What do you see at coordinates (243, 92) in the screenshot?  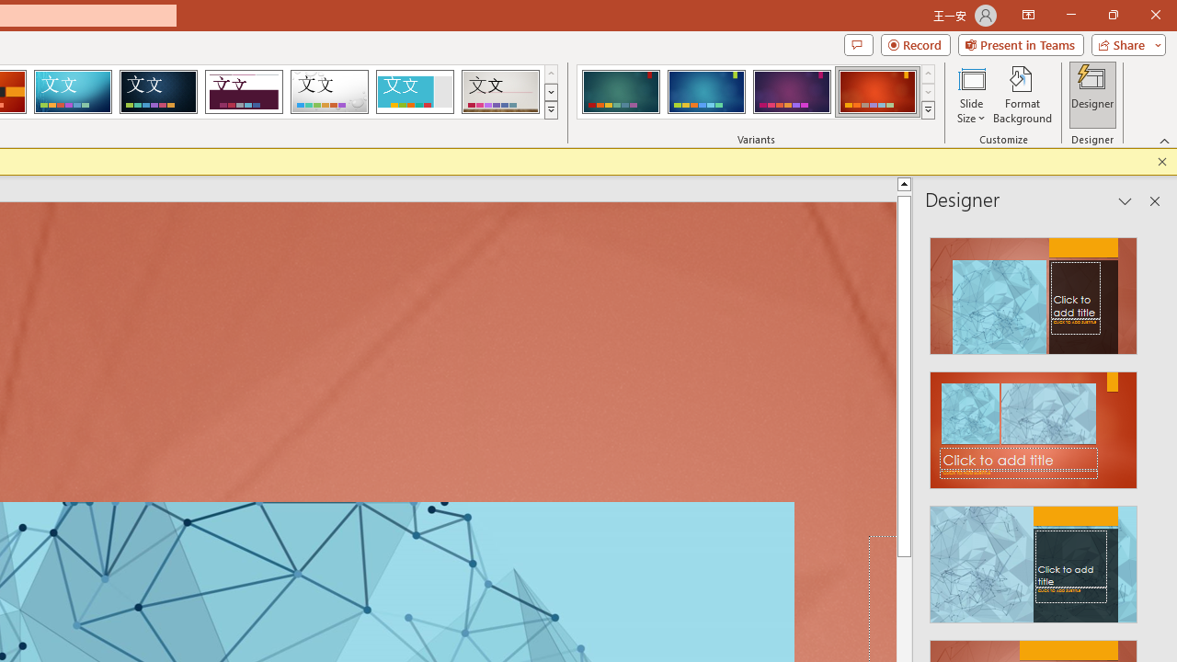 I see `'Dividend'` at bounding box center [243, 92].